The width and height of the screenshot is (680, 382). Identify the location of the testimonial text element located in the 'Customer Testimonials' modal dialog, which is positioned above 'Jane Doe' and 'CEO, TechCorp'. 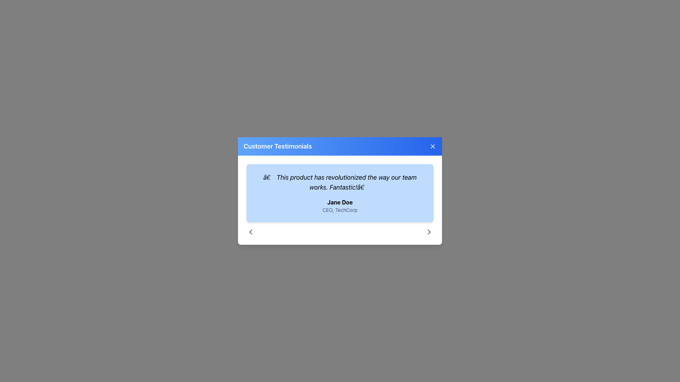
(340, 182).